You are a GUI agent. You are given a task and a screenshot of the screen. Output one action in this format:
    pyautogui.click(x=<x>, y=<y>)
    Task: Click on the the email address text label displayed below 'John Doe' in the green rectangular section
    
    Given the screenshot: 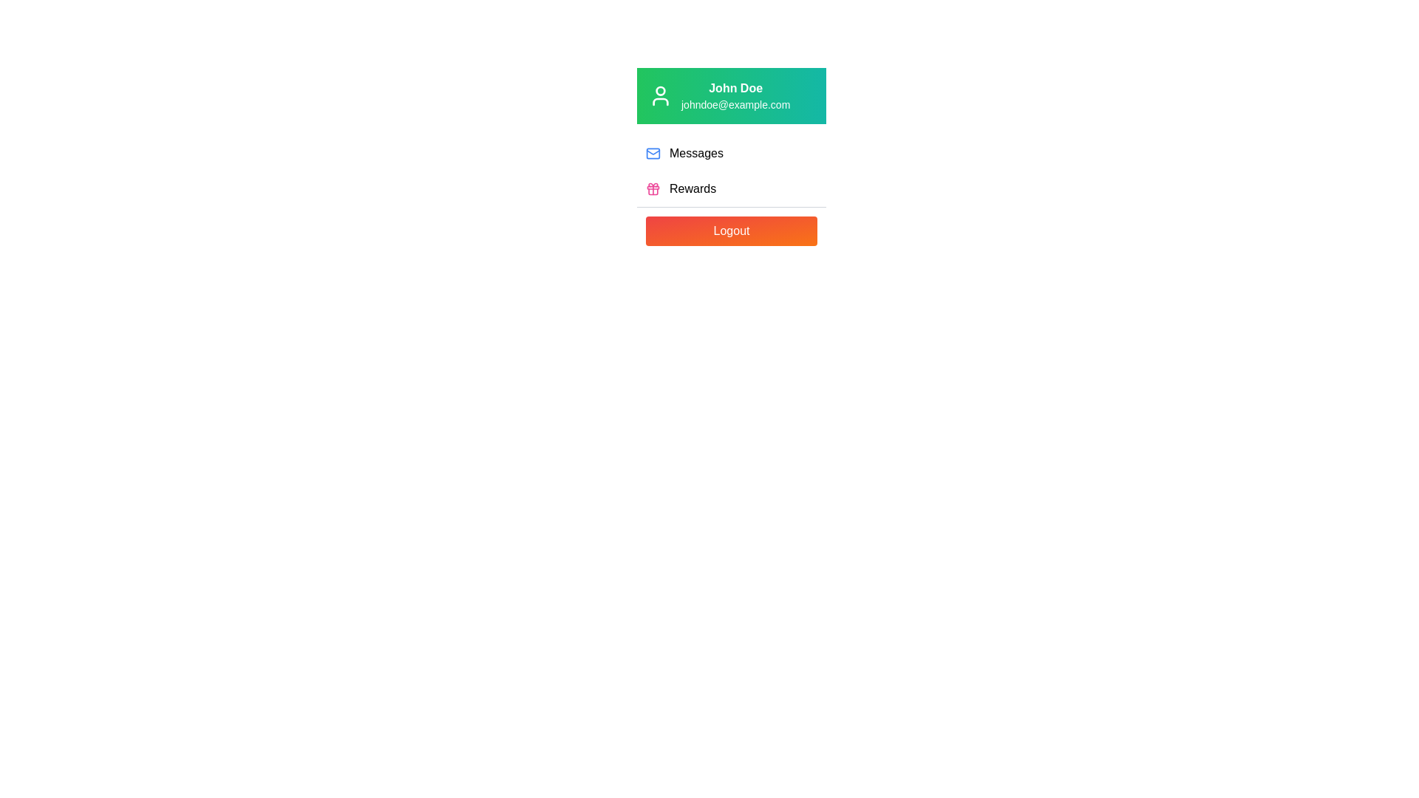 What is the action you would take?
    pyautogui.click(x=735, y=104)
    